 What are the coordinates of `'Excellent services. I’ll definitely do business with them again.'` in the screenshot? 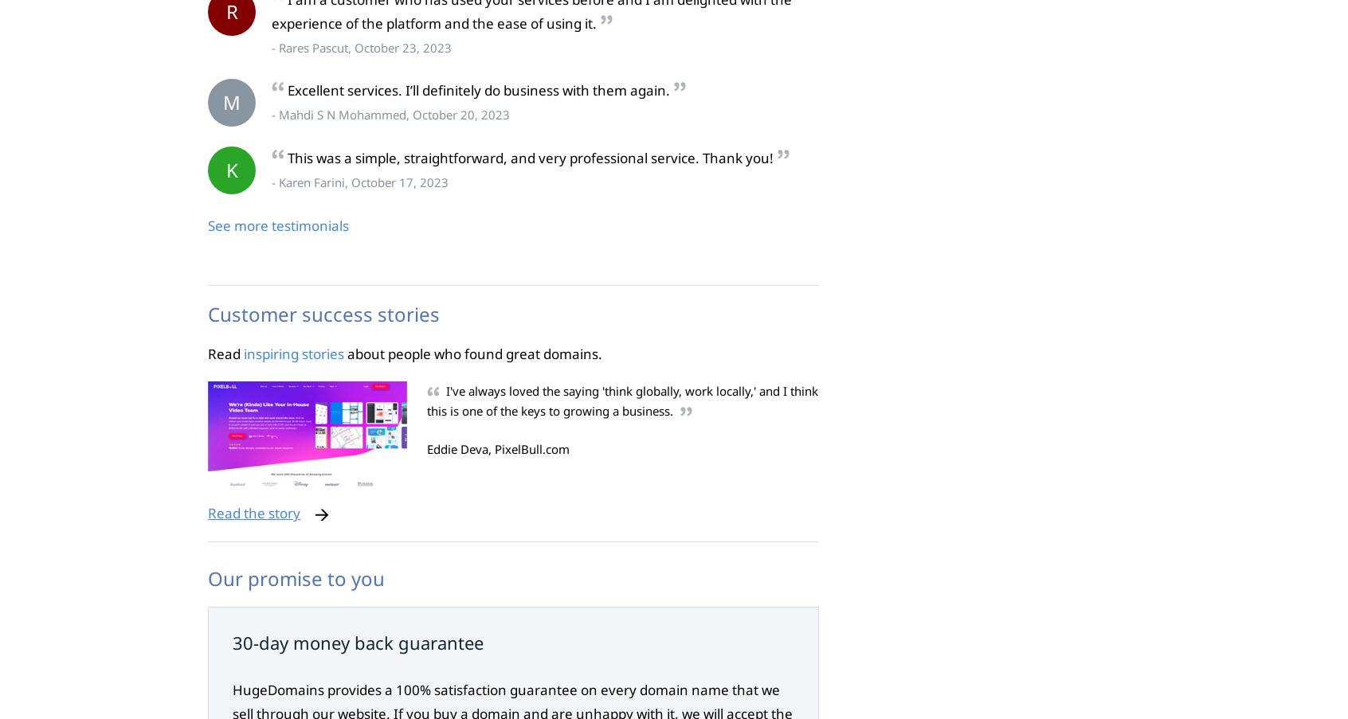 It's located at (477, 90).